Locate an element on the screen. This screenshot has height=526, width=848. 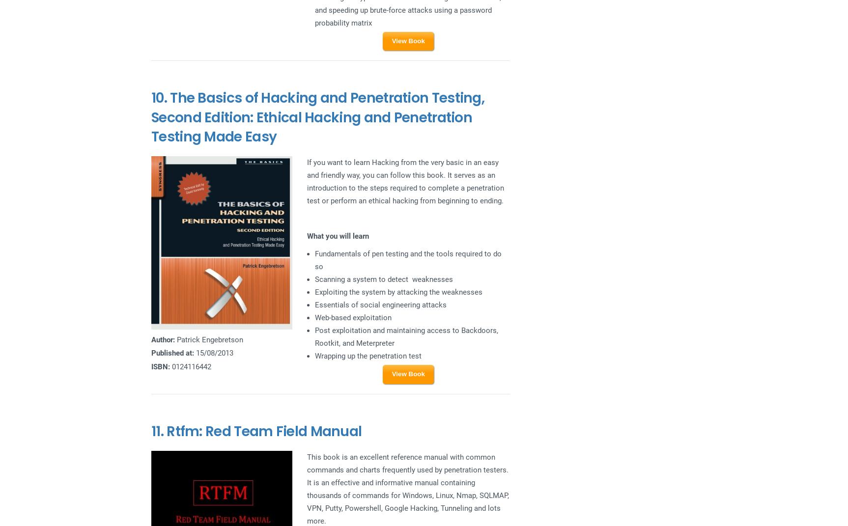
'This book is an excellent reference manual with common commands and charts frequently used by penetration testers. It is an effective and informative manual containing thousands of commands for Windows, Linux, Nmap, SQLMAP, VPN, Putty, Powershell, Google Hacking, Tunneling and lots more.' is located at coordinates (306, 488).